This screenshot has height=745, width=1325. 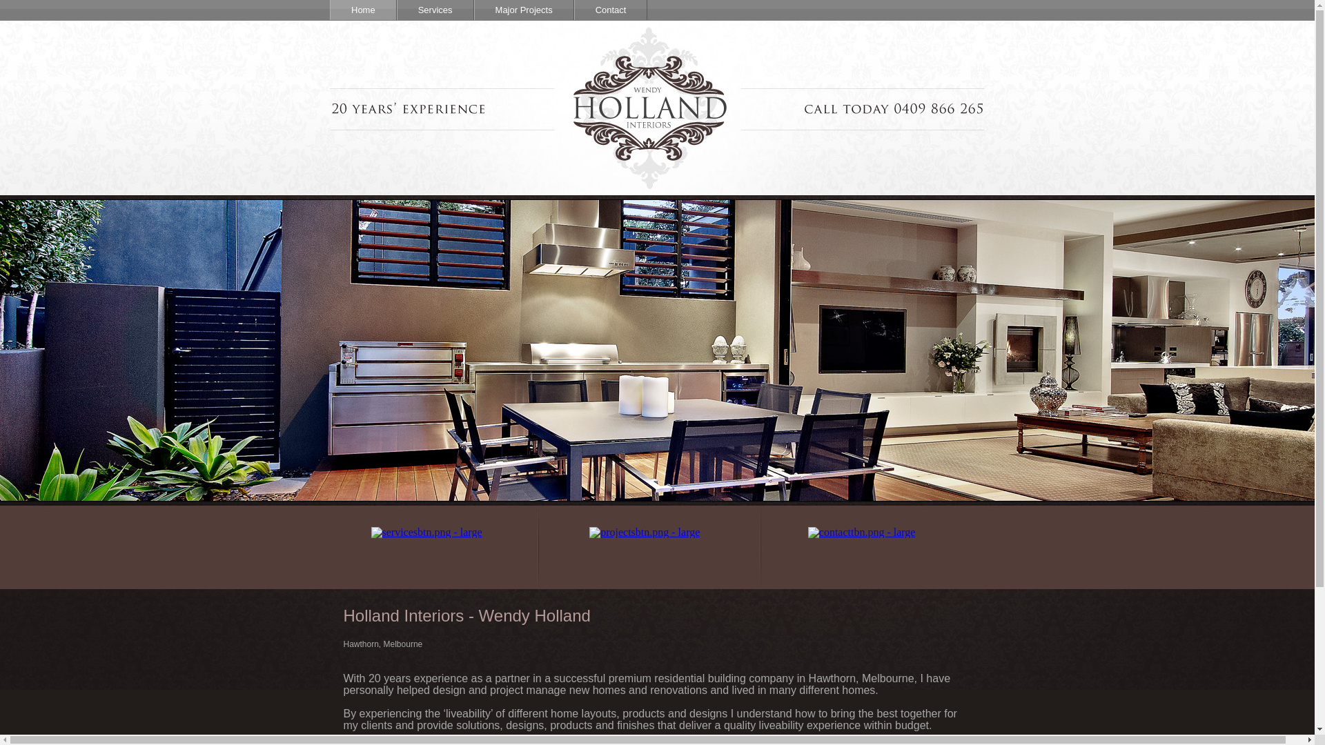 I want to click on 'Major Projects', so click(x=522, y=10).